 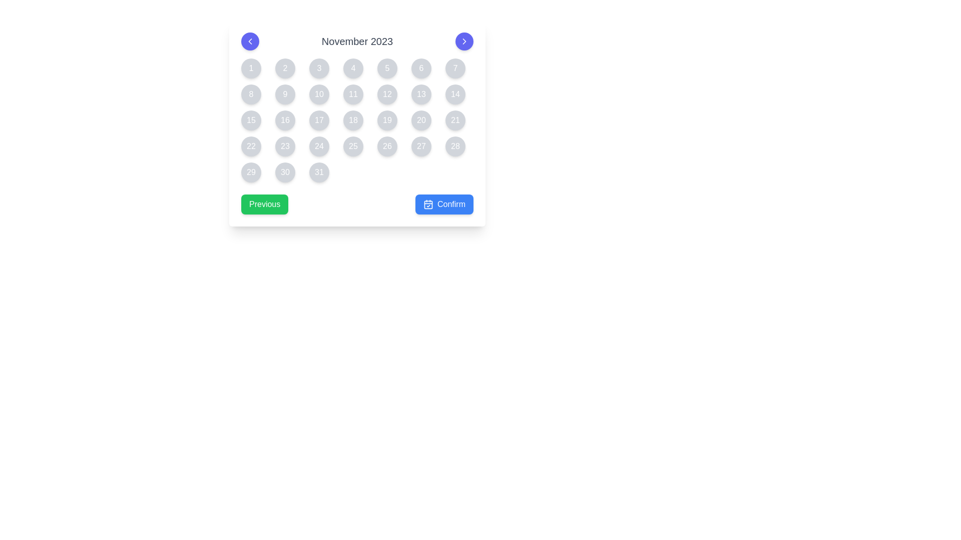 What do you see at coordinates (353, 94) in the screenshot?
I see `the button representing the 11th day of the month in the calendar interface` at bounding box center [353, 94].